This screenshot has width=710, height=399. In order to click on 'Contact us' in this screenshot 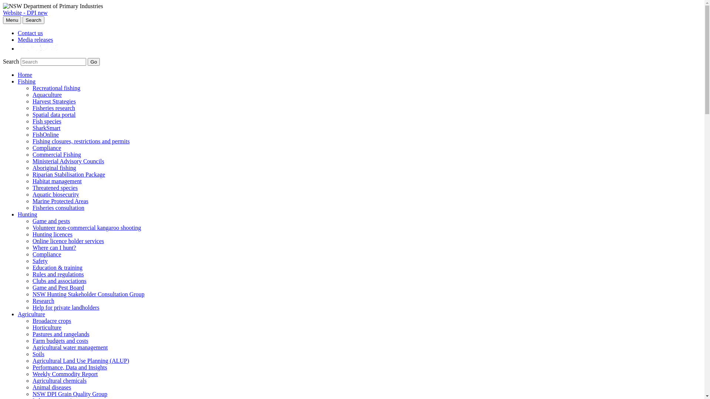, I will do `click(18, 33)`.